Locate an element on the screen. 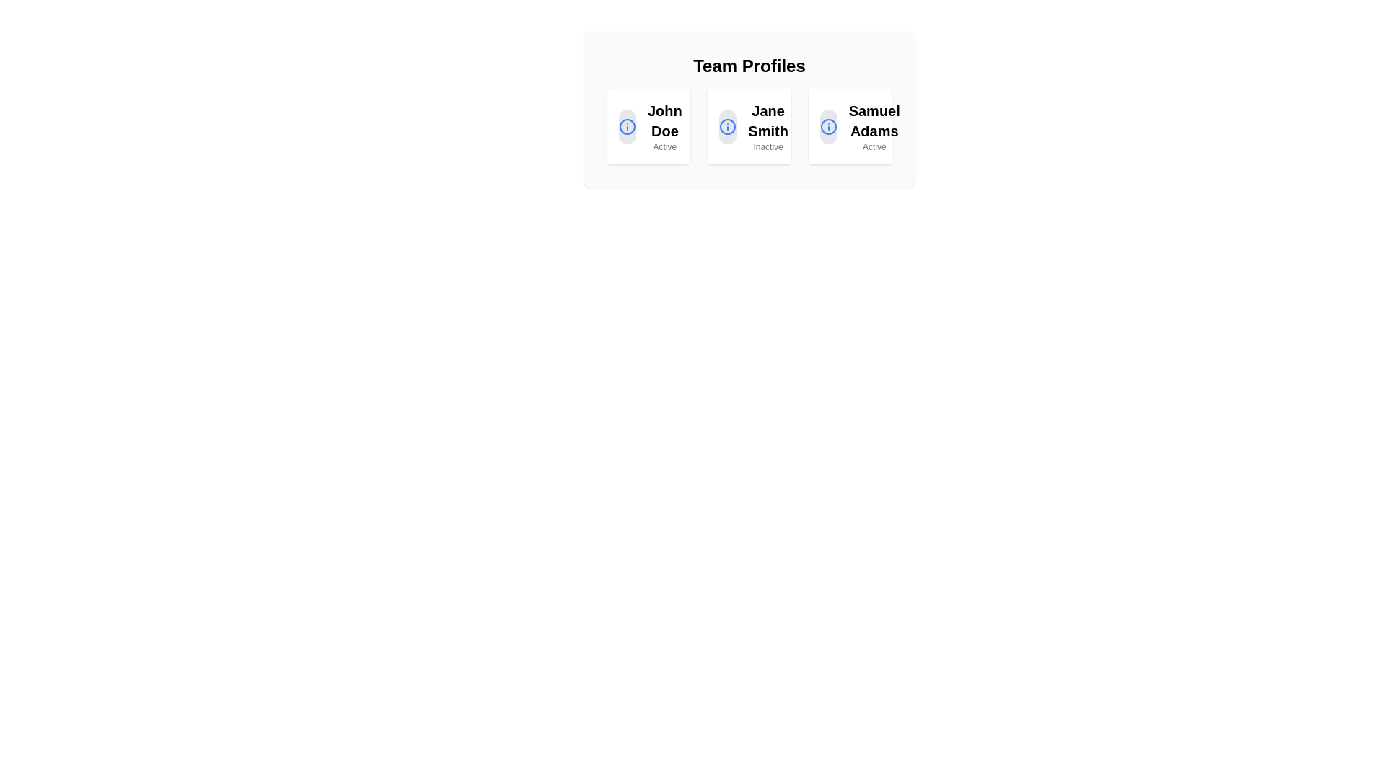  the text label reading 'Inactive', which is styled in a small, gray font and located below the name 'Jane Smith' in the middle profile card is located at coordinates (768, 147).